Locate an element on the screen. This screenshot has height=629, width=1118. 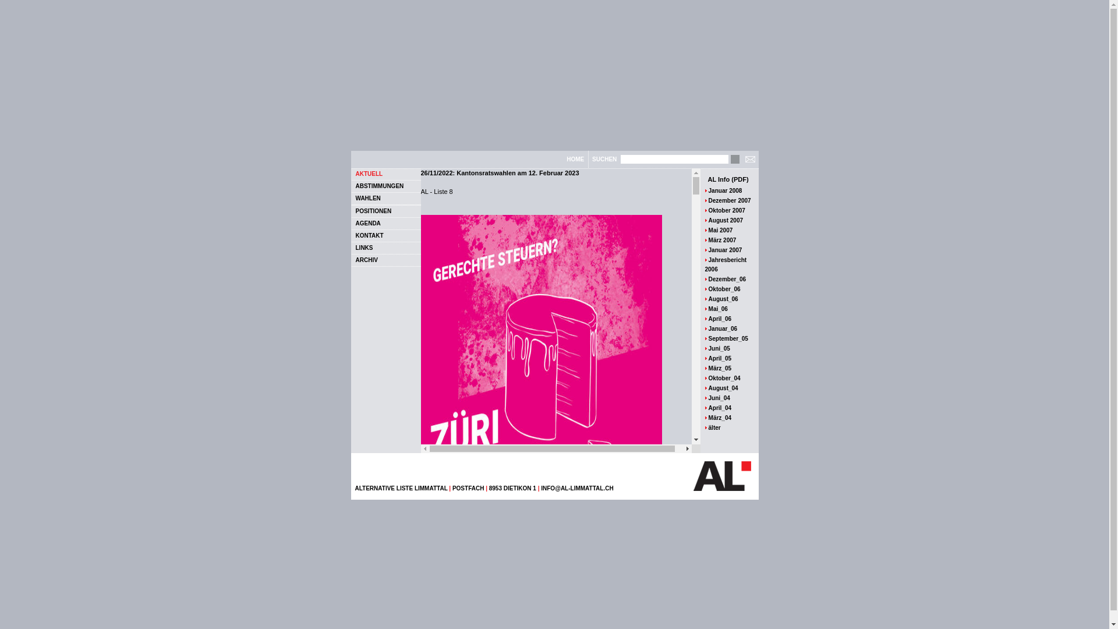
'HOME' is located at coordinates (575, 159).